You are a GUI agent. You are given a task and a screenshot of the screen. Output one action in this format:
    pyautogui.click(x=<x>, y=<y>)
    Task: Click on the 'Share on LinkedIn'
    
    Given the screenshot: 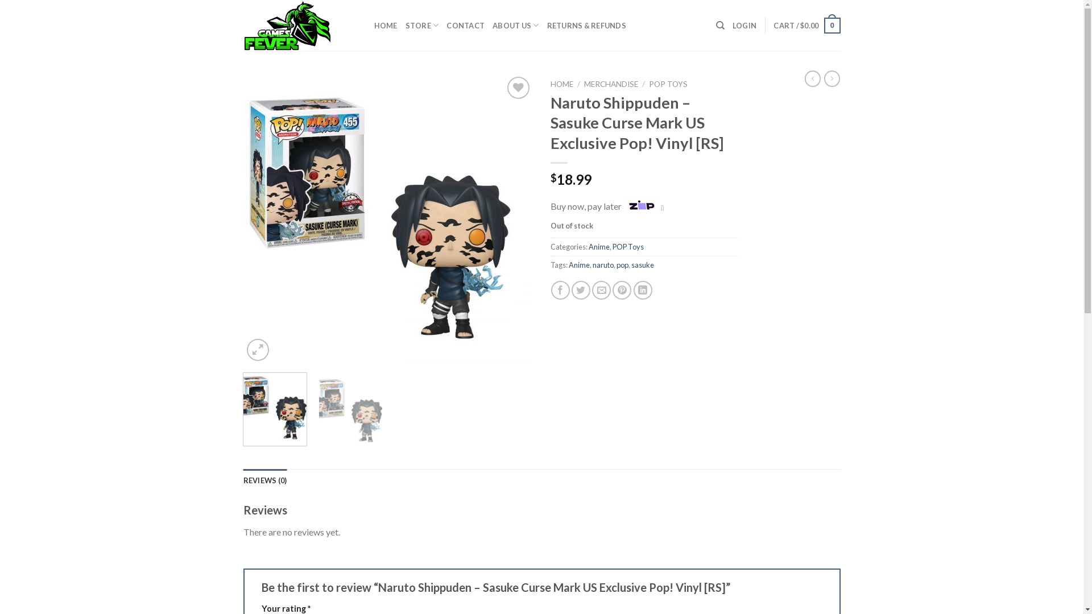 What is the action you would take?
    pyautogui.click(x=643, y=289)
    